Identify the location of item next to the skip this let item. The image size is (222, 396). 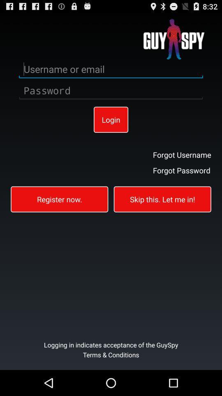
(59, 198).